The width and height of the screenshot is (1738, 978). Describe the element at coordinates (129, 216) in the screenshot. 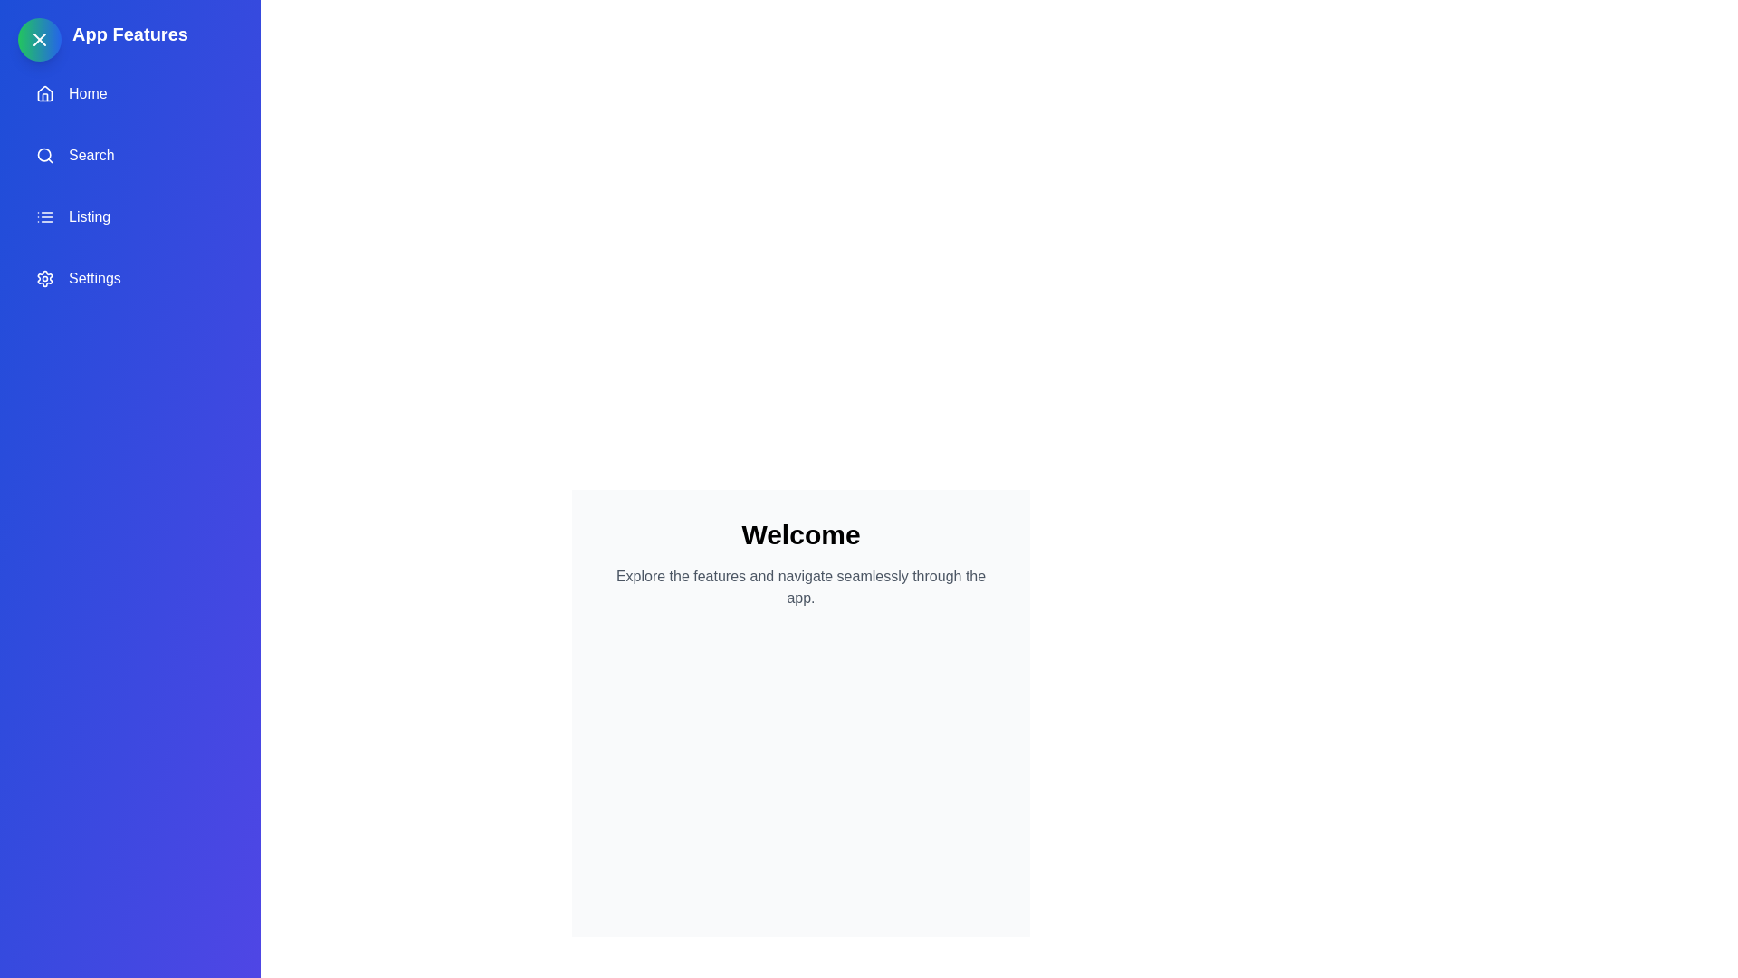

I see `the 'Listing' option in the drawer` at that location.